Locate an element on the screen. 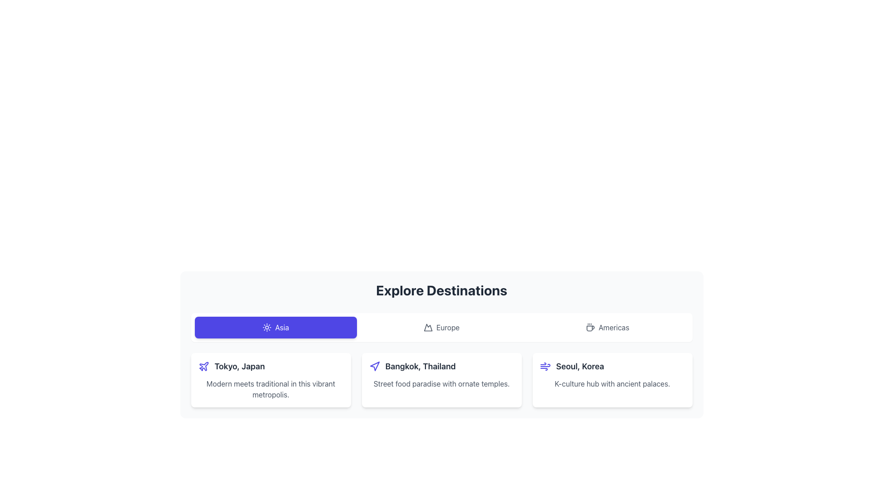 This screenshot has width=872, height=490. the 'Bangkok, Thailand' text with the navigation arrow icon is located at coordinates (441, 366).